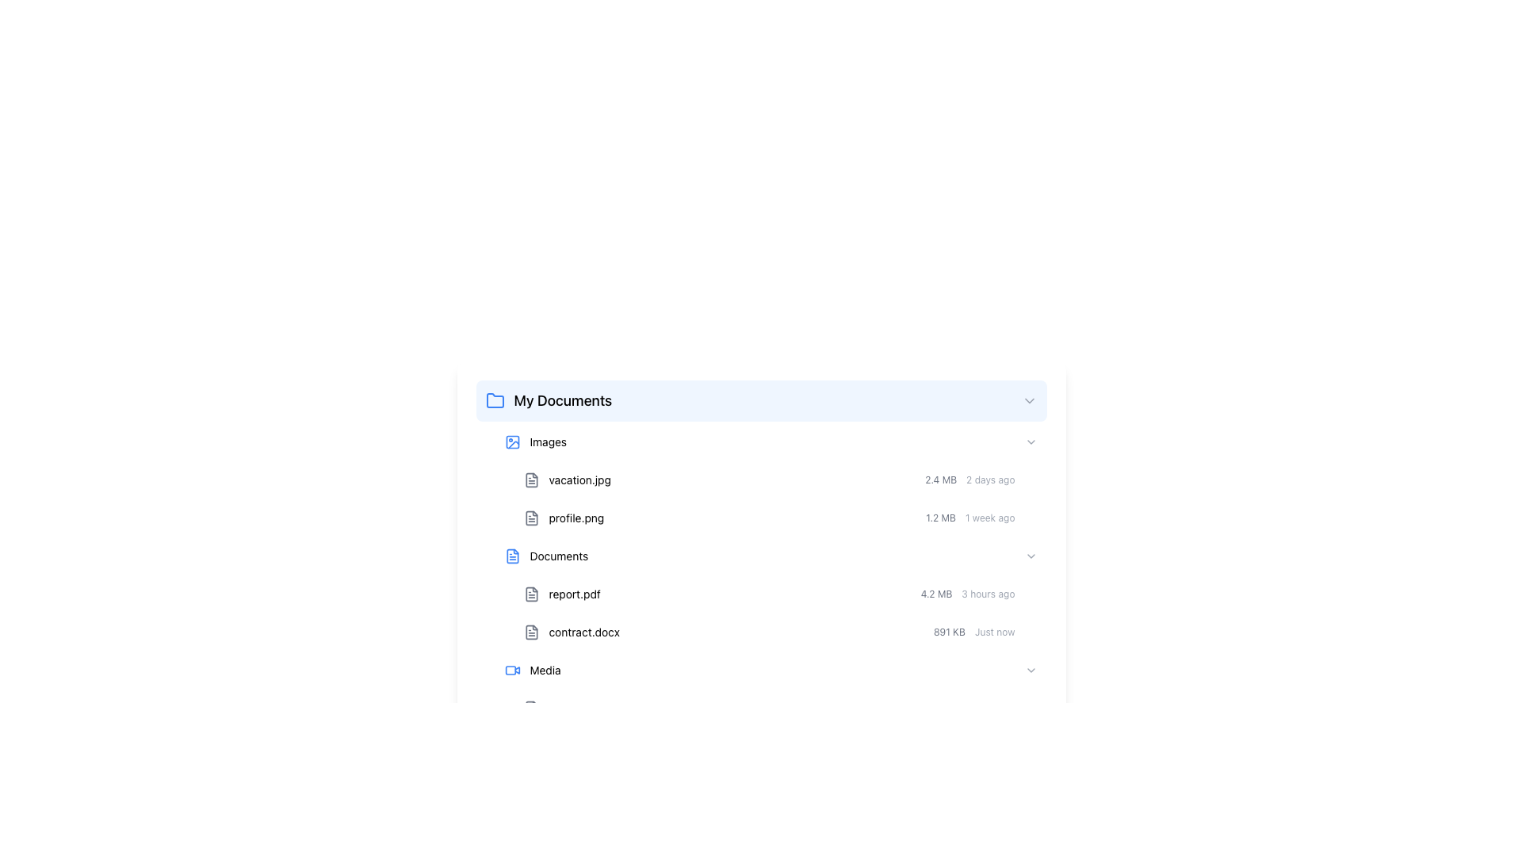 The height and width of the screenshot is (856, 1522). Describe the element at coordinates (994, 632) in the screenshot. I see `displayed timestamp information from the Text label indicating the recency of the associated file, which is located to the right of the '891 KB' text label and just left of the download icon` at that location.